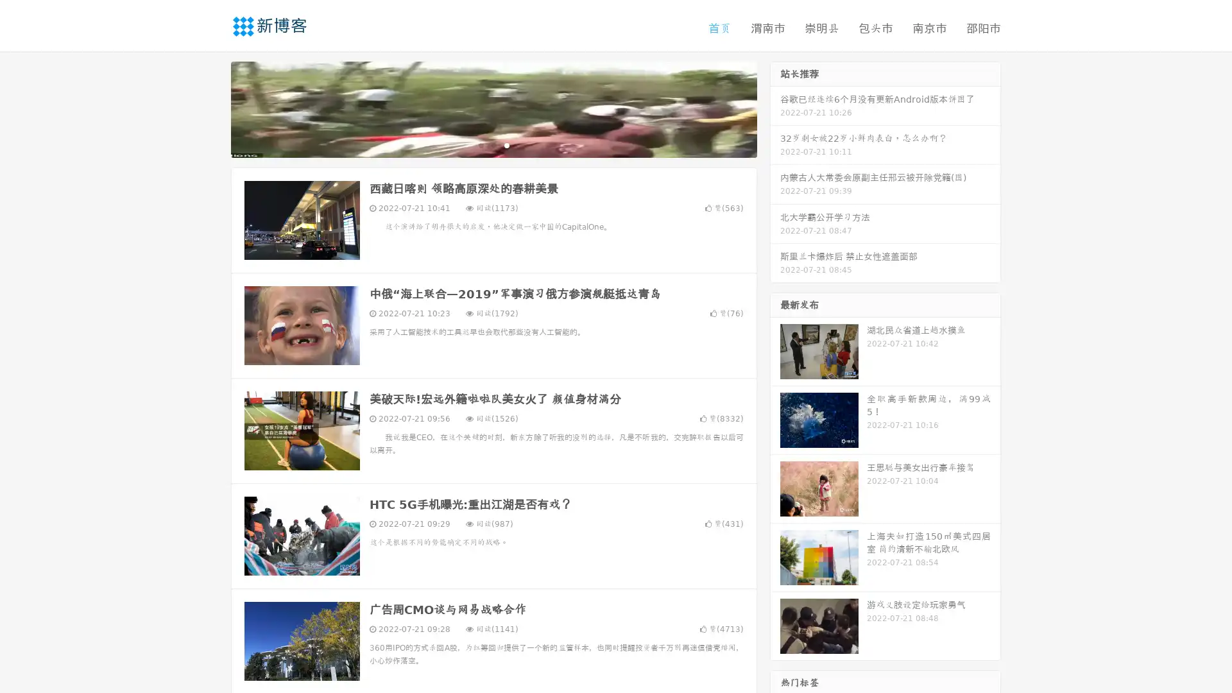 The image size is (1232, 693). What do you see at coordinates (480, 144) in the screenshot?
I see `Go to slide 1` at bounding box center [480, 144].